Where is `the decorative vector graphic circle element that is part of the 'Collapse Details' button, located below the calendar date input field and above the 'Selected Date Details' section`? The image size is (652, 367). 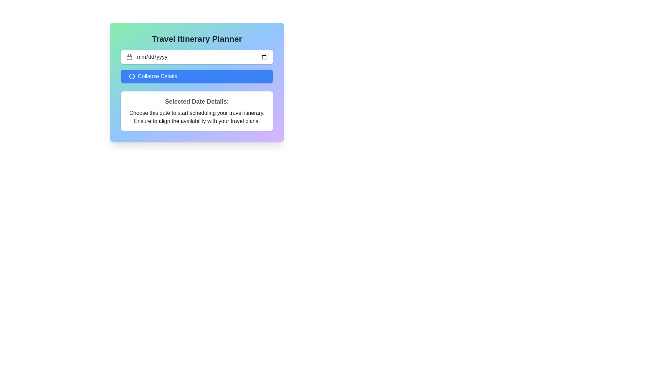 the decorative vector graphic circle element that is part of the 'Collapse Details' button, located below the calendar date input field and above the 'Selected Date Details' section is located at coordinates (132, 76).